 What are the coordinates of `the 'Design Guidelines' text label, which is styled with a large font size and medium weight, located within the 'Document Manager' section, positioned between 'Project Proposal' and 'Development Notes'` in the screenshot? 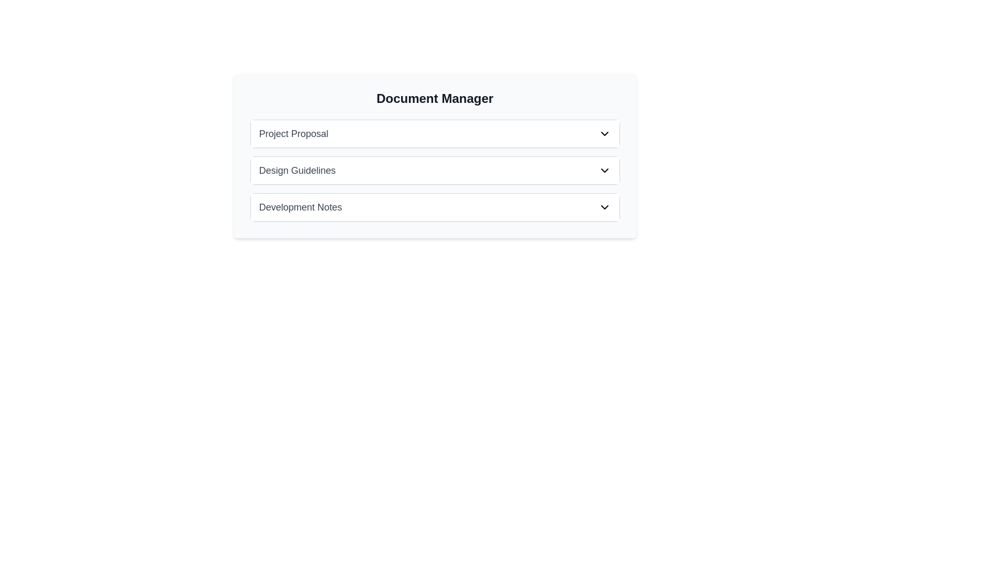 It's located at (297, 170).